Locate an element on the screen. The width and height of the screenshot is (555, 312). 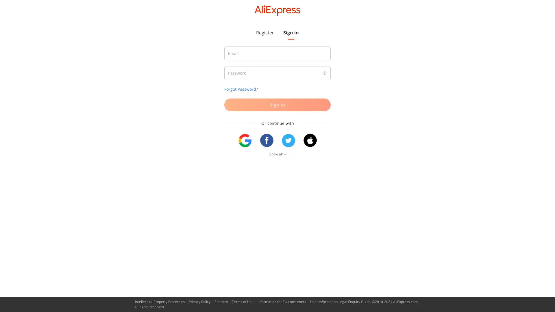
Sign in is located at coordinates (277, 105).